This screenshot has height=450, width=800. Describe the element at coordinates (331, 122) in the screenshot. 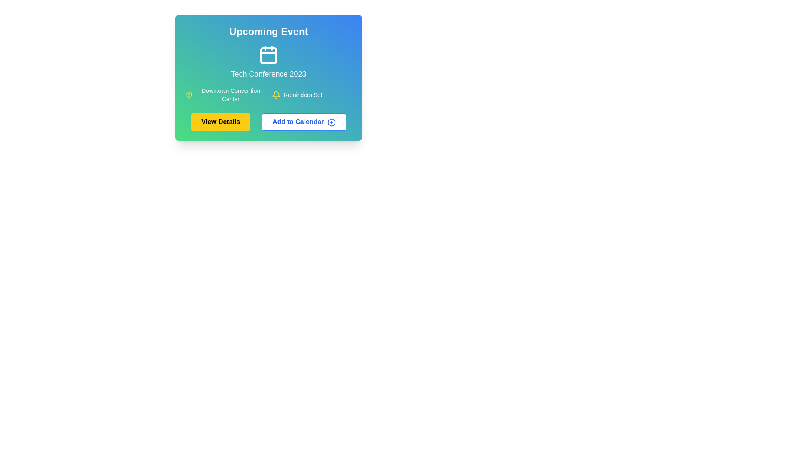

I see `the circular outline of the 'plus' icon located at the far right end of the 'Add to Calendar' button on the lower right part of the card` at that location.